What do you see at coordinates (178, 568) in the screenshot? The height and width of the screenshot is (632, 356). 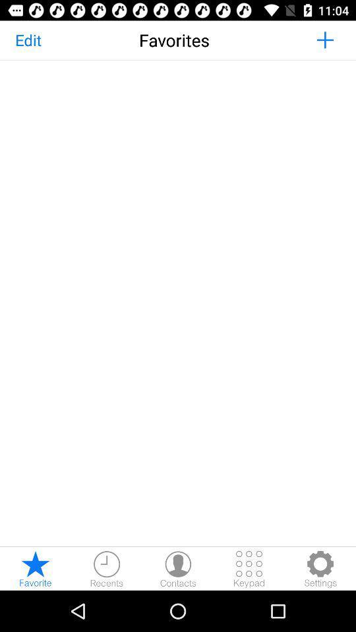 I see `see the contact list` at bounding box center [178, 568].